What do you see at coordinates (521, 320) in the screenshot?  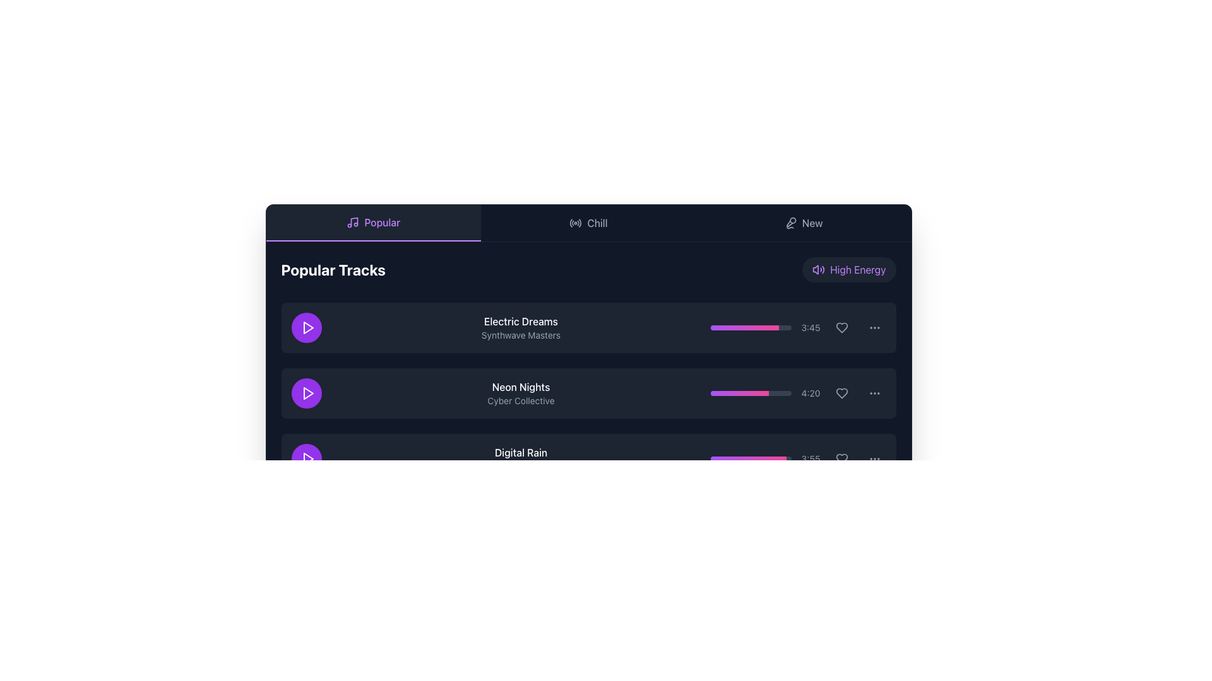 I see `the text label displaying 'Electric Dreams', which is the primary title of the first track in the 'Popular Tracks' list, located above the subtitle 'Synthwave Masters'` at bounding box center [521, 320].